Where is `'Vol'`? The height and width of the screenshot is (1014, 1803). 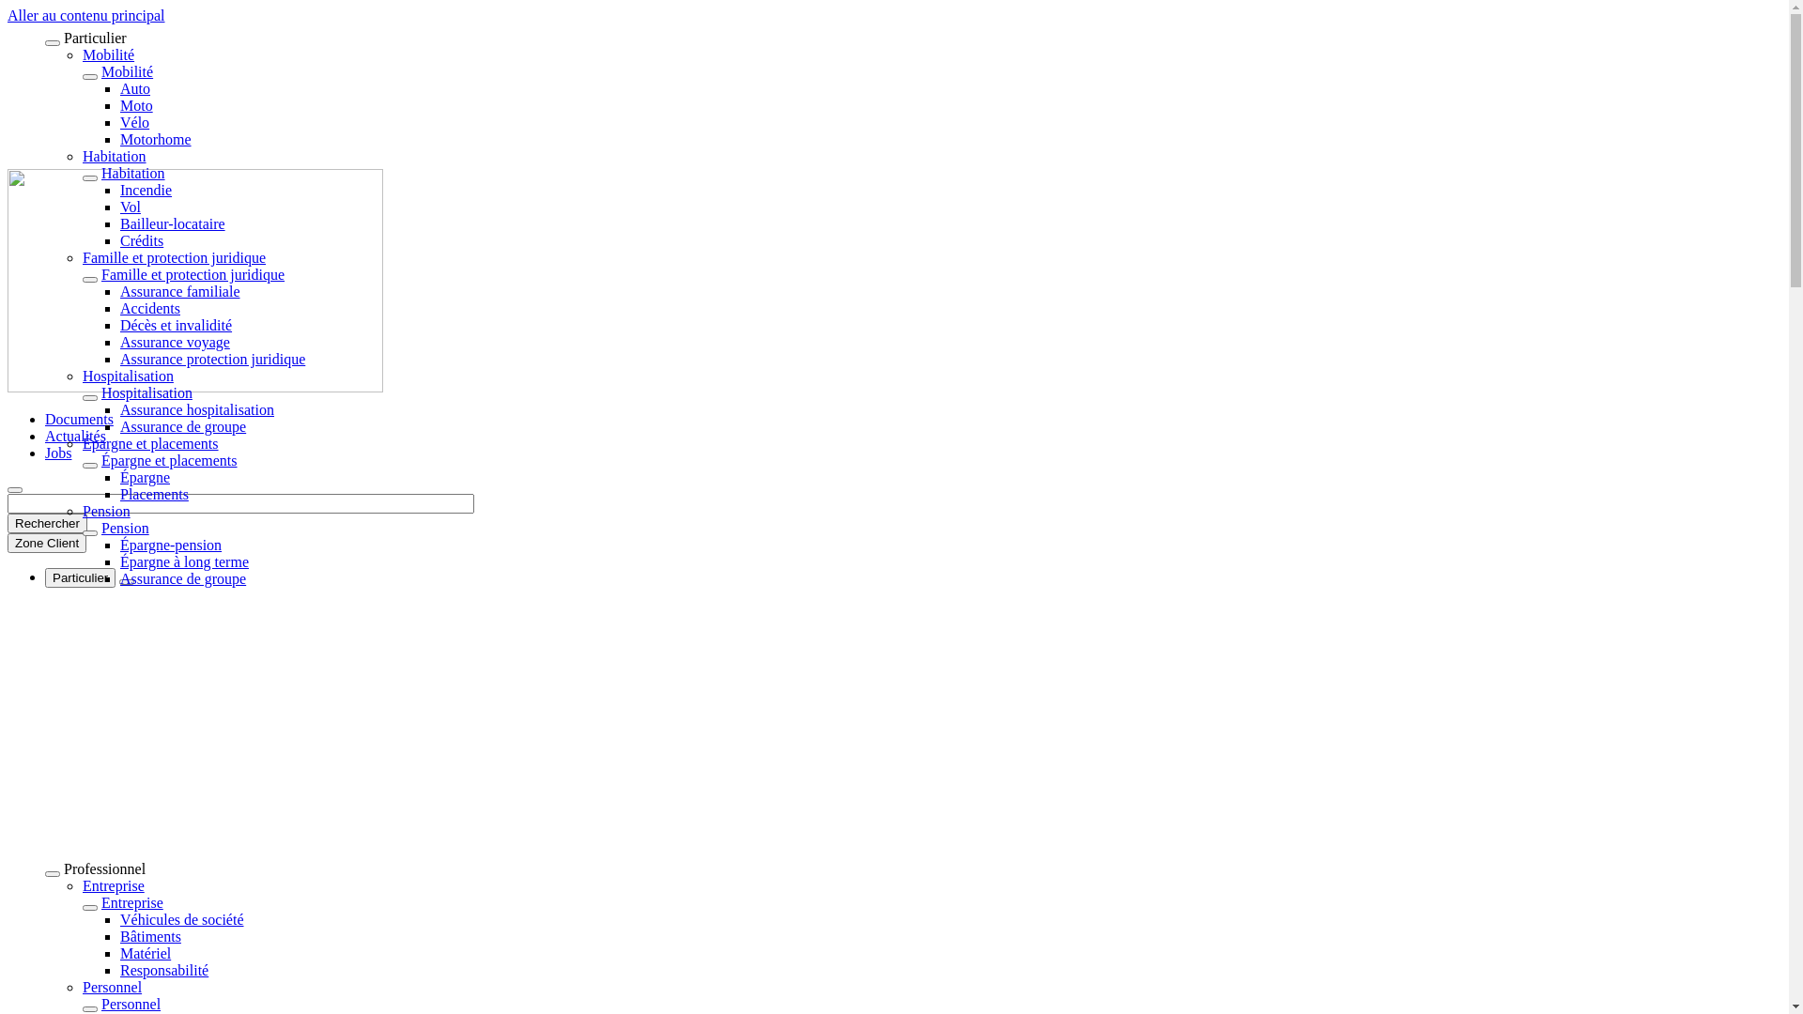 'Vol' is located at coordinates (119, 207).